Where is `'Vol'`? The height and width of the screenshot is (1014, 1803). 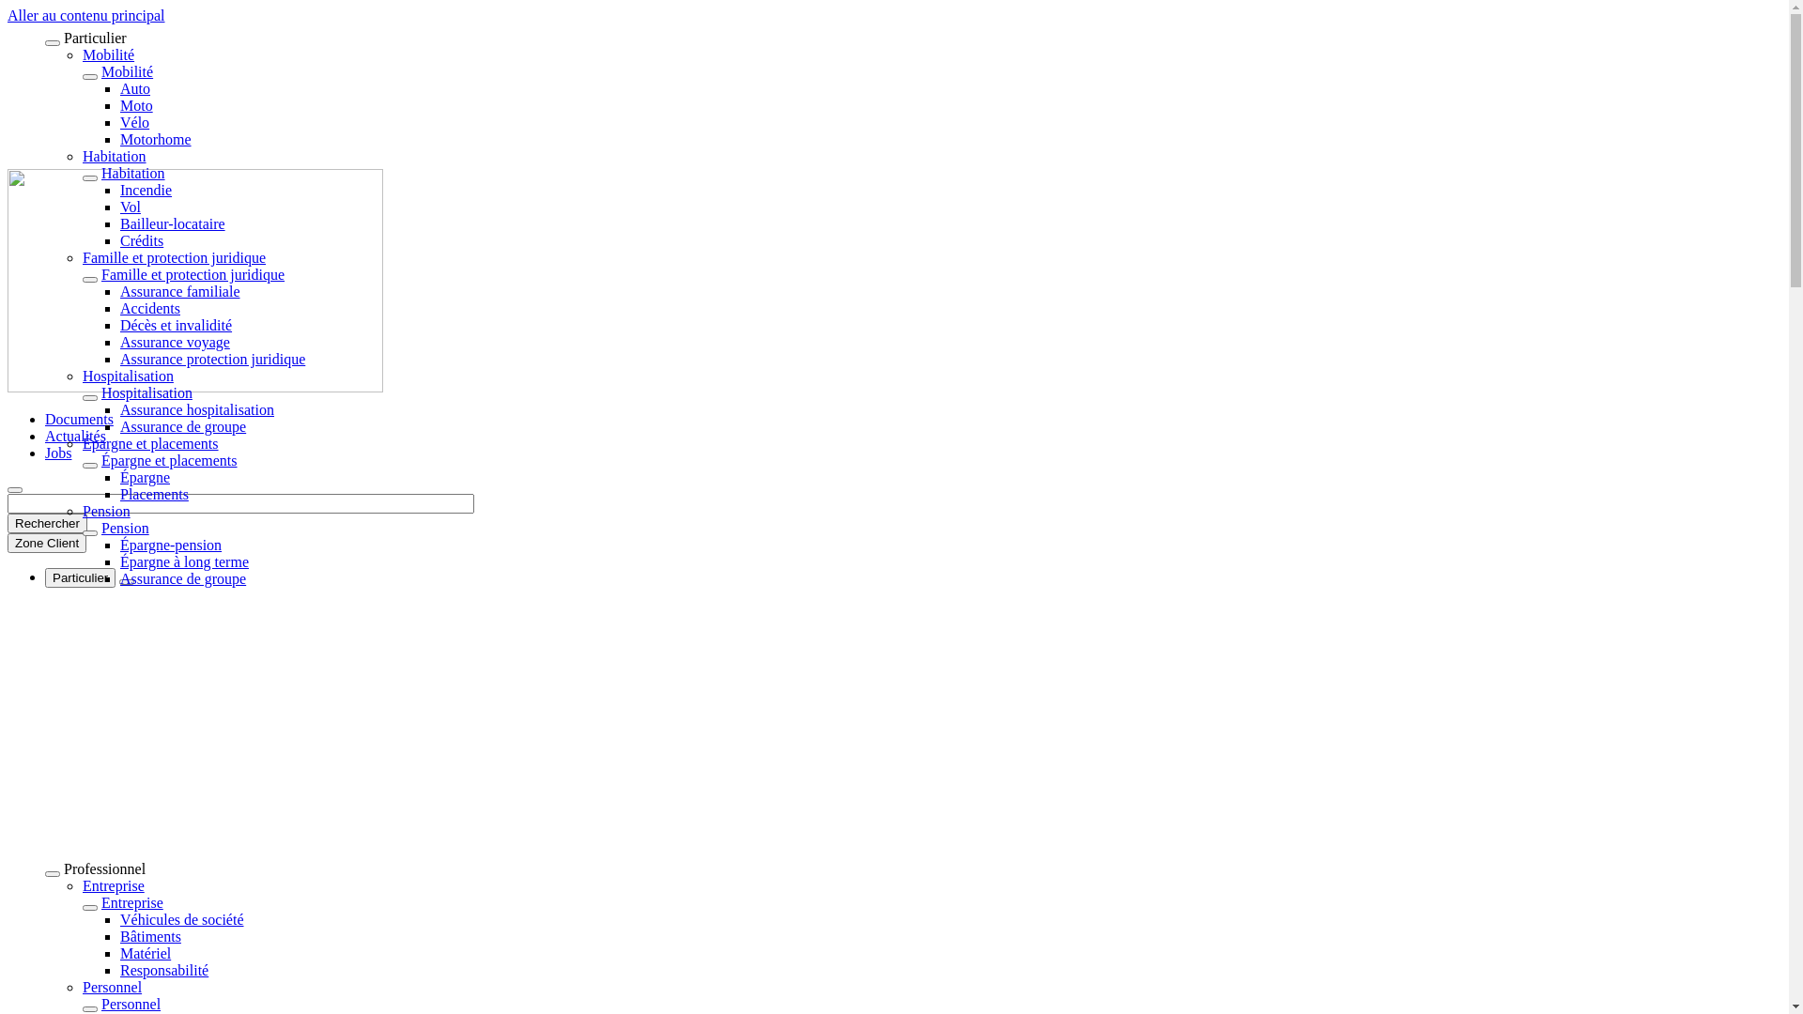 'Vol' is located at coordinates (119, 207).